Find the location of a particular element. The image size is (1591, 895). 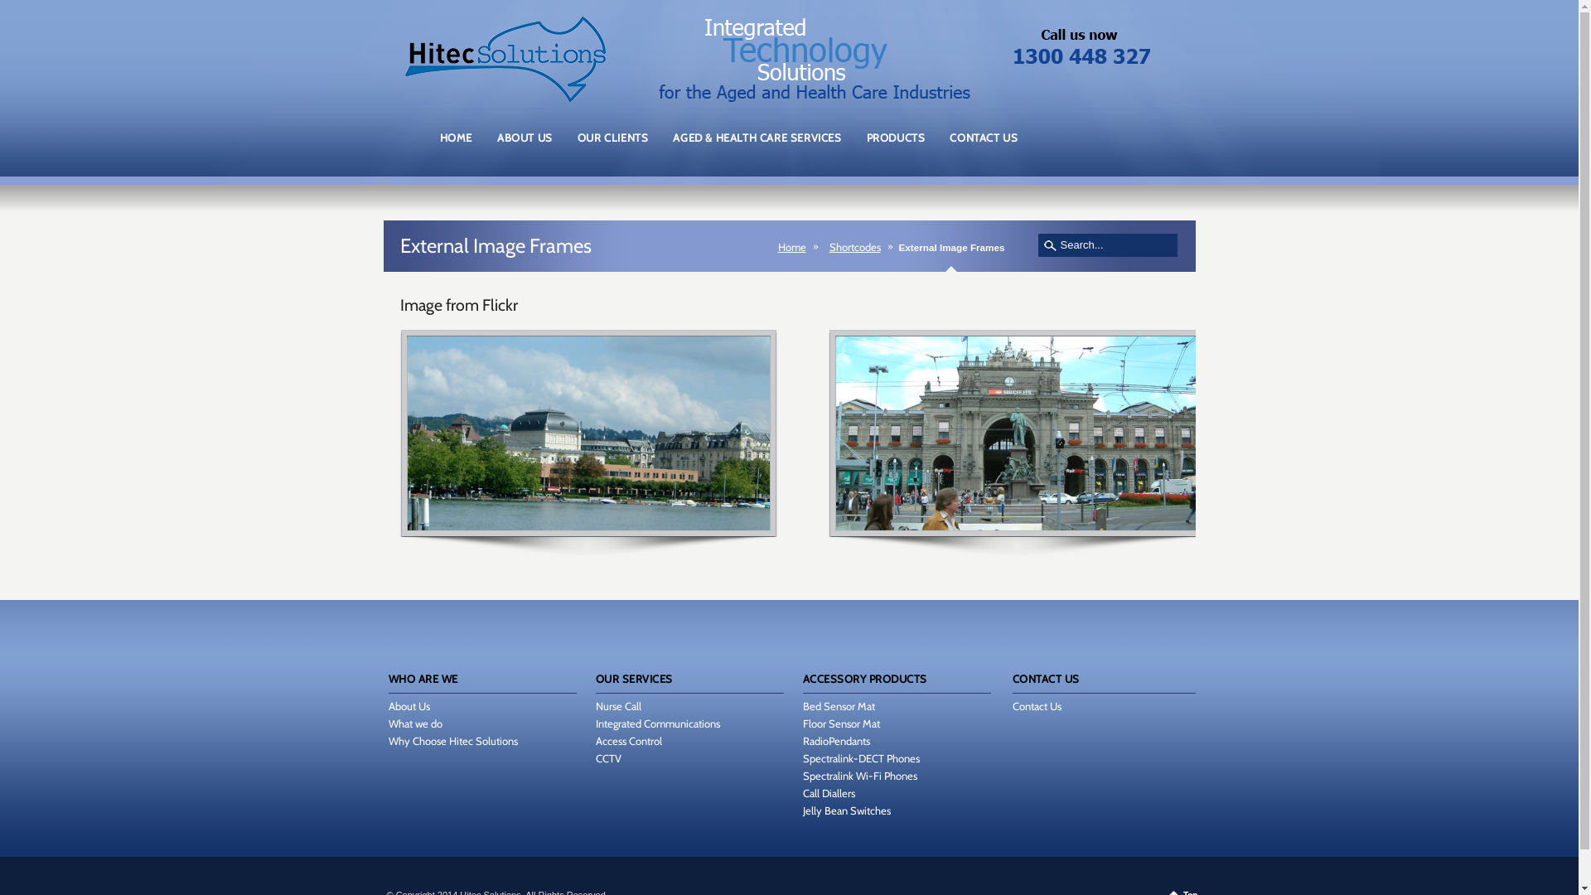

'Shortcodes' is located at coordinates (858, 246).